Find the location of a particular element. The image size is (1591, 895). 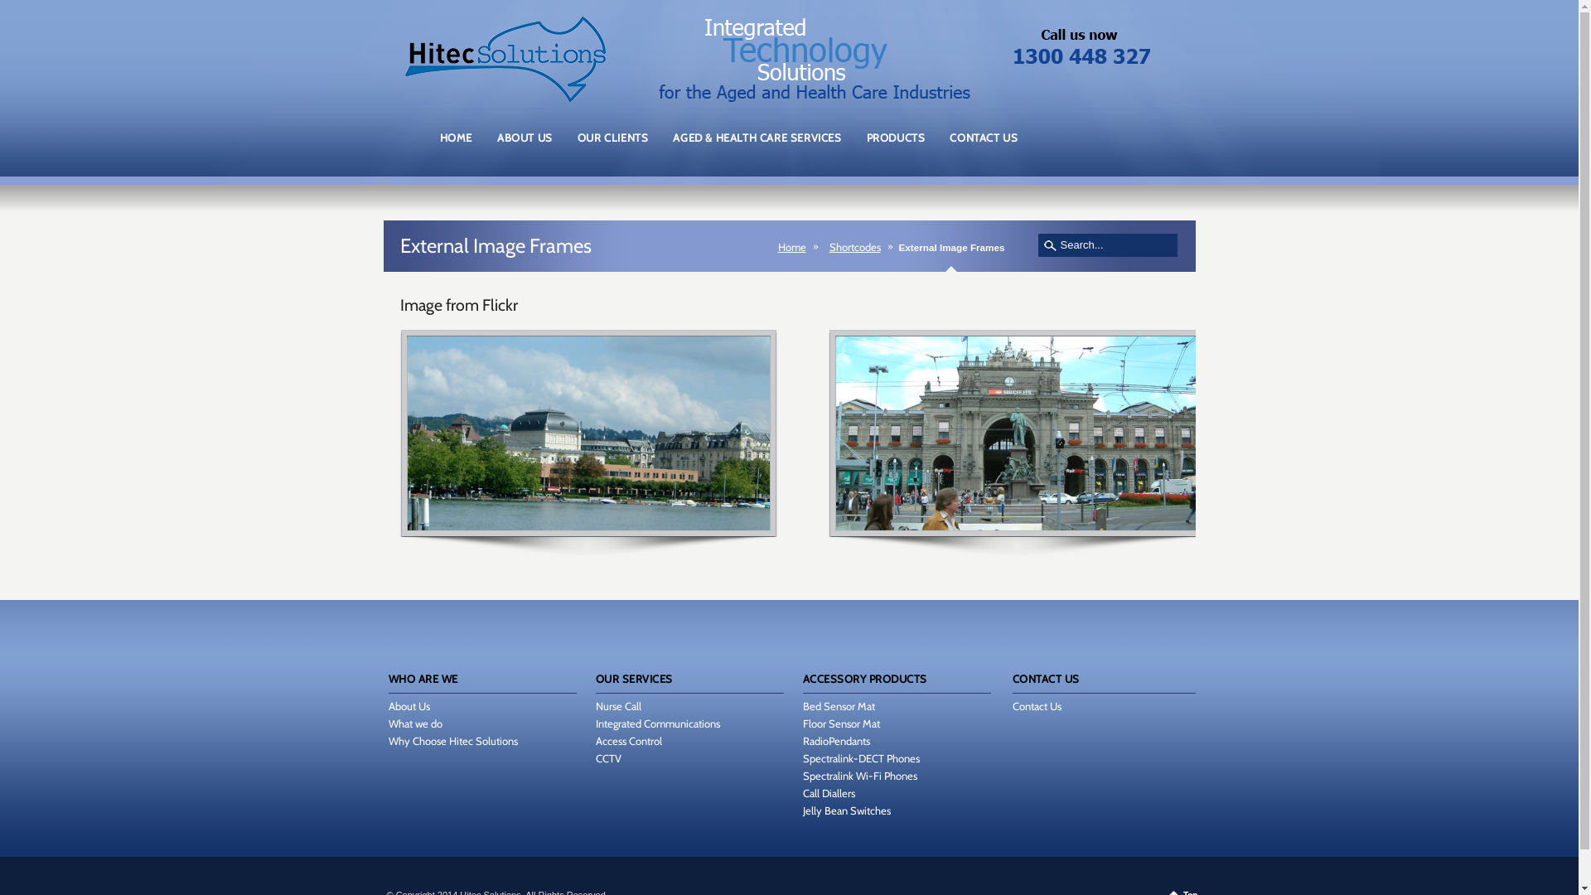

'Shortcodes' is located at coordinates (858, 246).